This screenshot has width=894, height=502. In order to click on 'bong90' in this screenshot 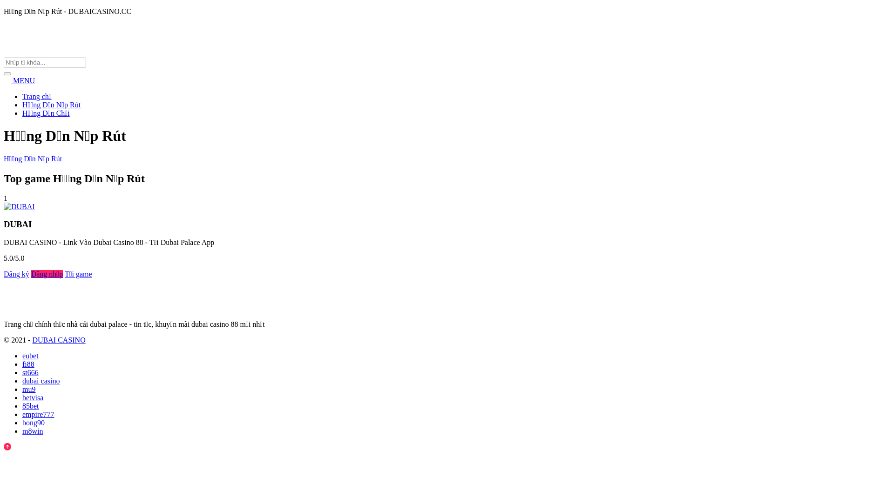, I will do `click(34, 423)`.